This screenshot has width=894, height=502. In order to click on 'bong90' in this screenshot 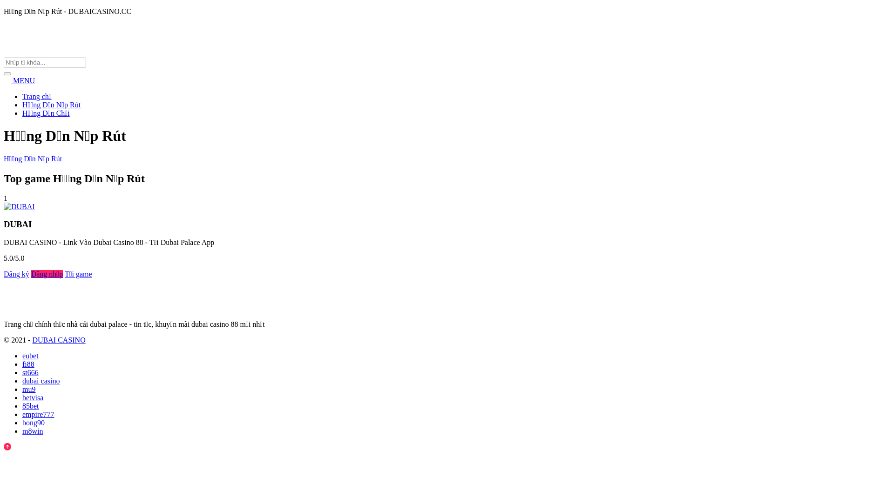, I will do `click(34, 423)`.